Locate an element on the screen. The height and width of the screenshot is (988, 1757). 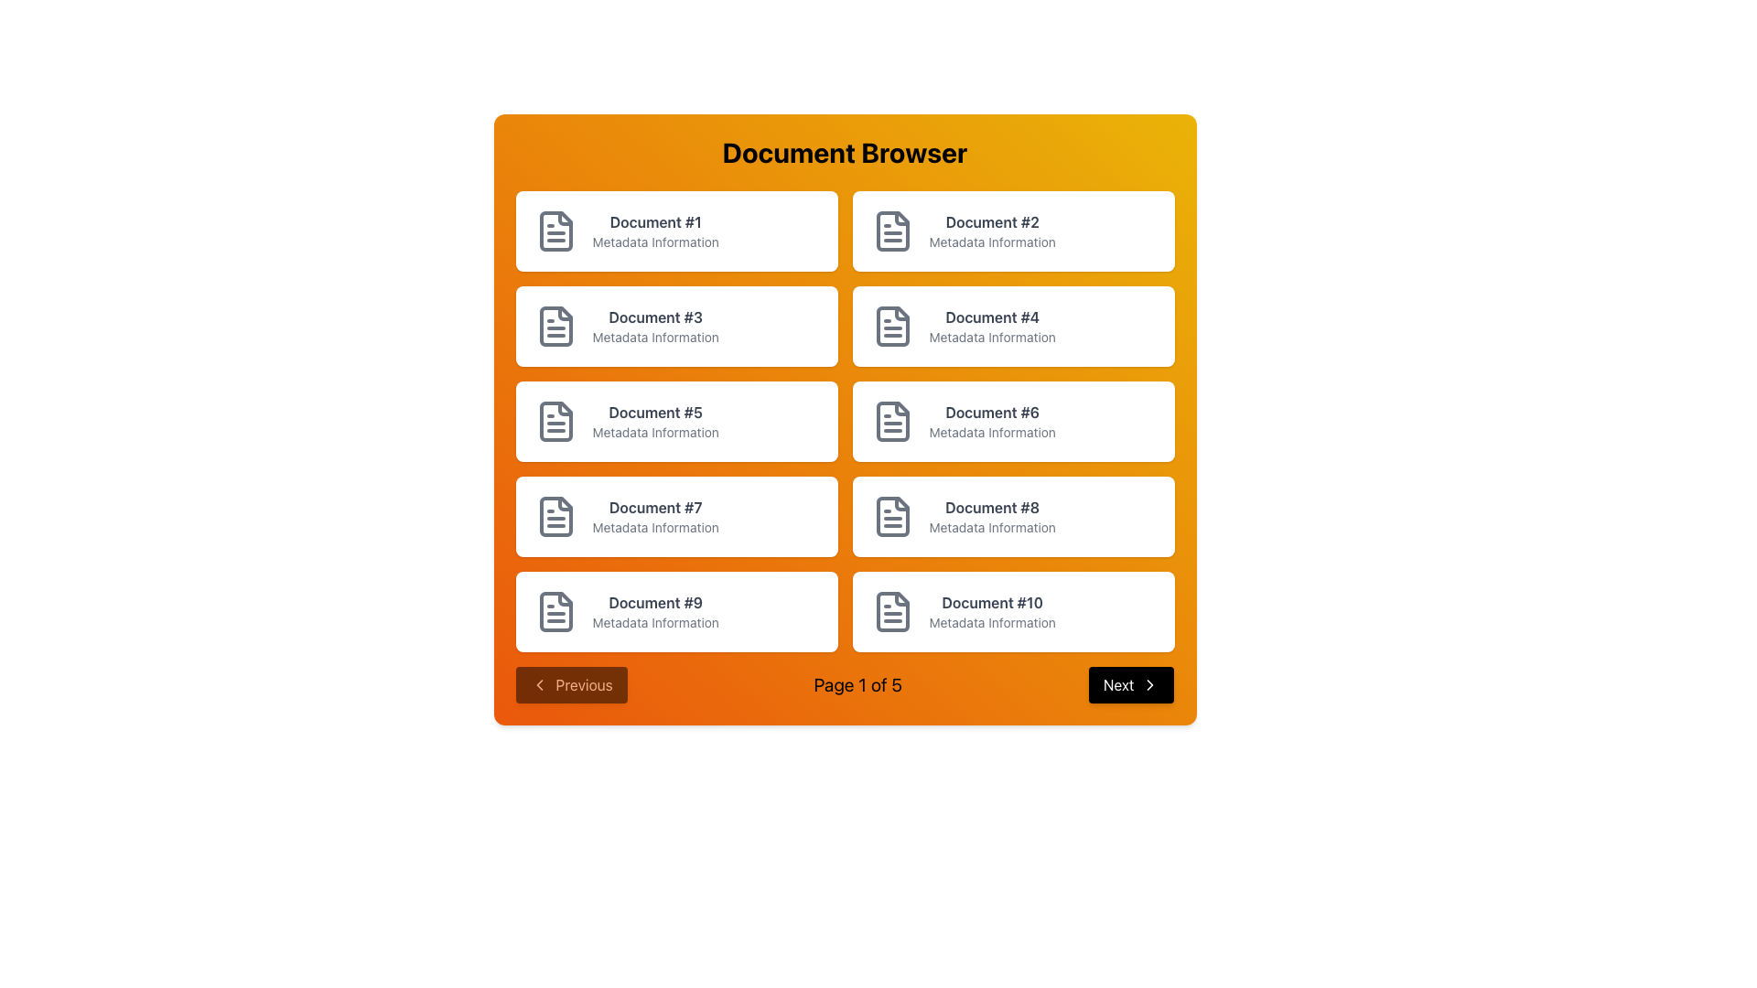
the title label of the second document entry in the second column of the Document Browser, which is located above the 'Metadata Information' label and to the right of the document icon is located at coordinates (991, 221).